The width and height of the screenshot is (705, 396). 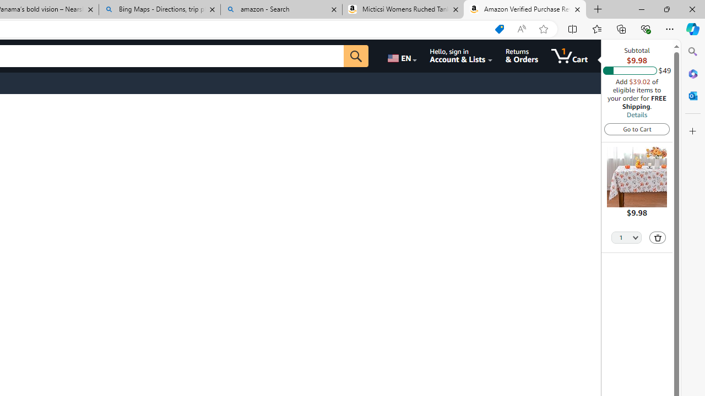 What do you see at coordinates (570, 56) in the screenshot?
I see `'1 item in cart'` at bounding box center [570, 56].